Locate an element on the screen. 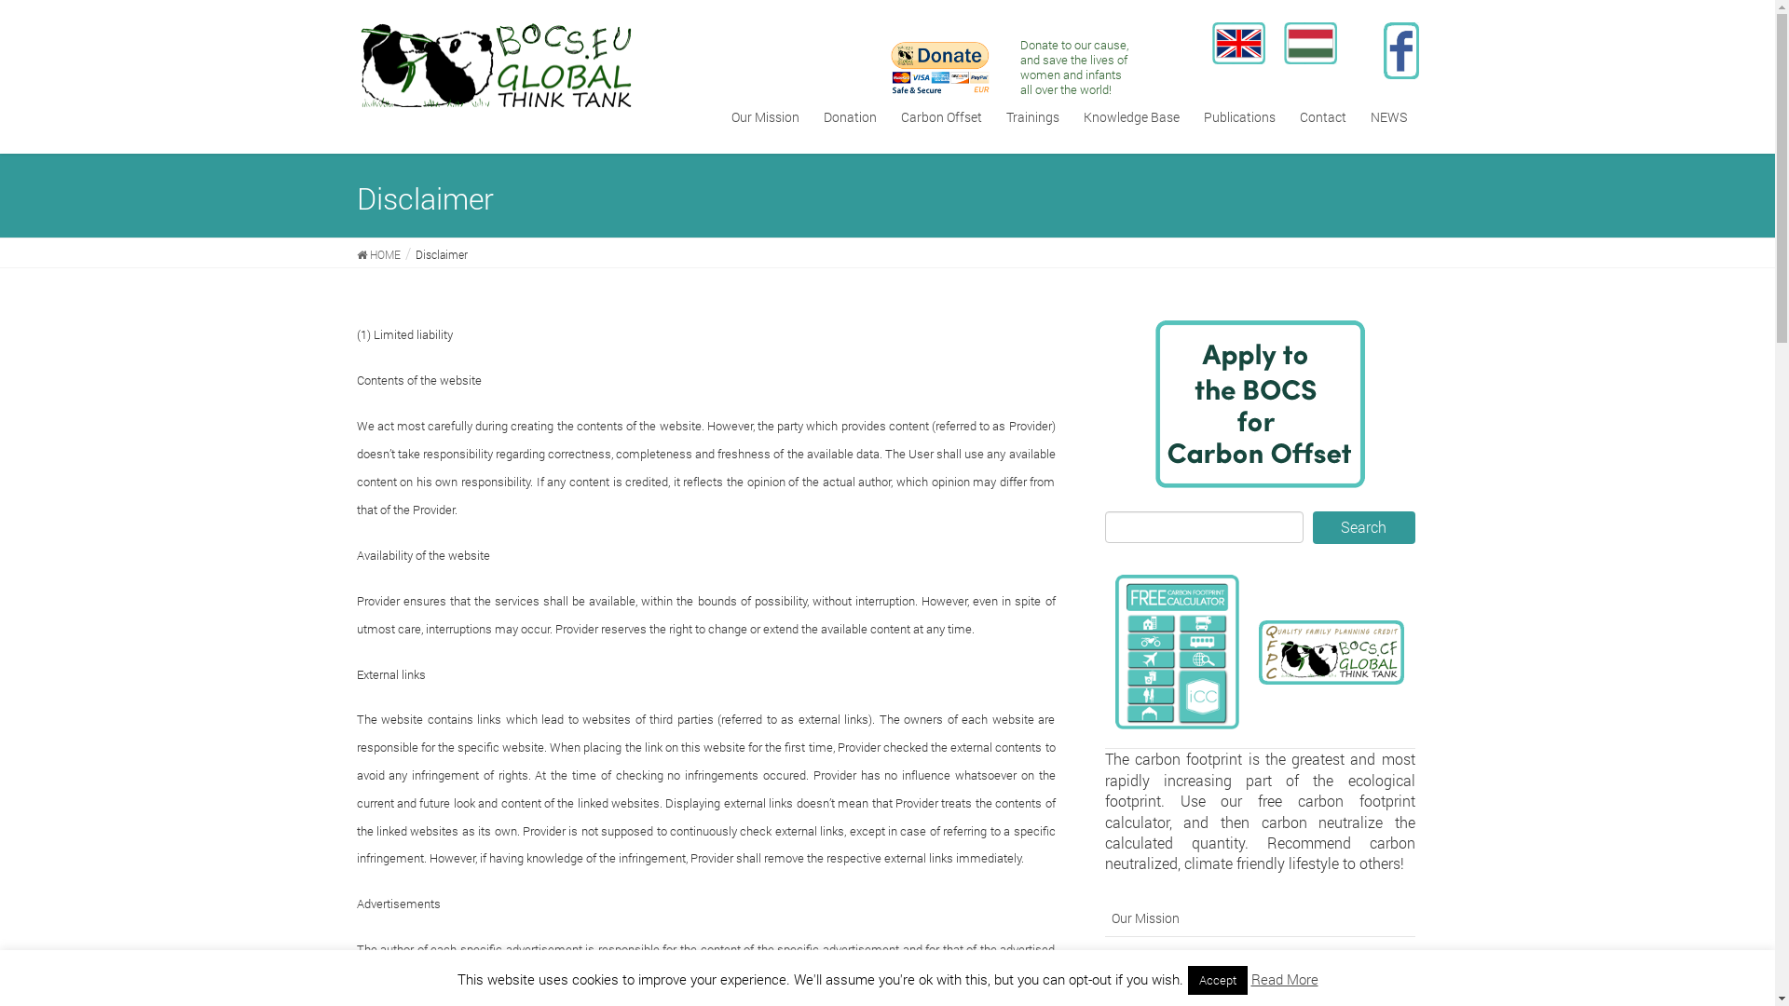 The width and height of the screenshot is (1789, 1006). 'Knowledge Base' is located at coordinates (1072, 116).